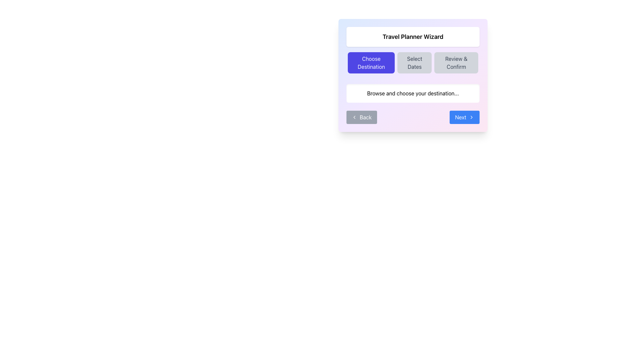 The image size is (639, 359). Describe the element at coordinates (471, 117) in the screenshot. I see `the 'Next' button located at the bottom-right corner of the card UI component` at that location.